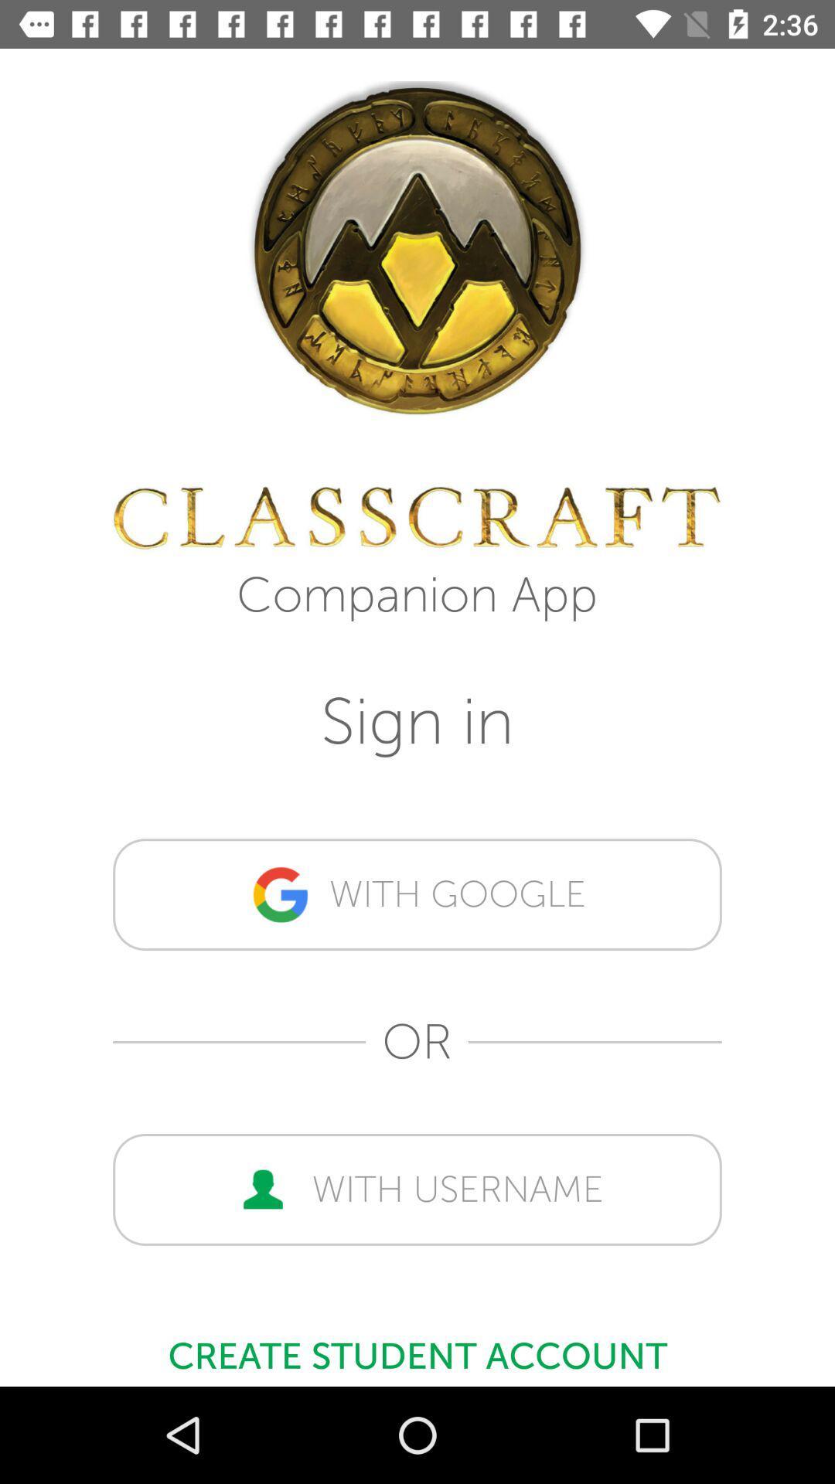 This screenshot has height=1484, width=835. What do you see at coordinates (417, 1347) in the screenshot?
I see `create student account item` at bounding box center [417, 1347].